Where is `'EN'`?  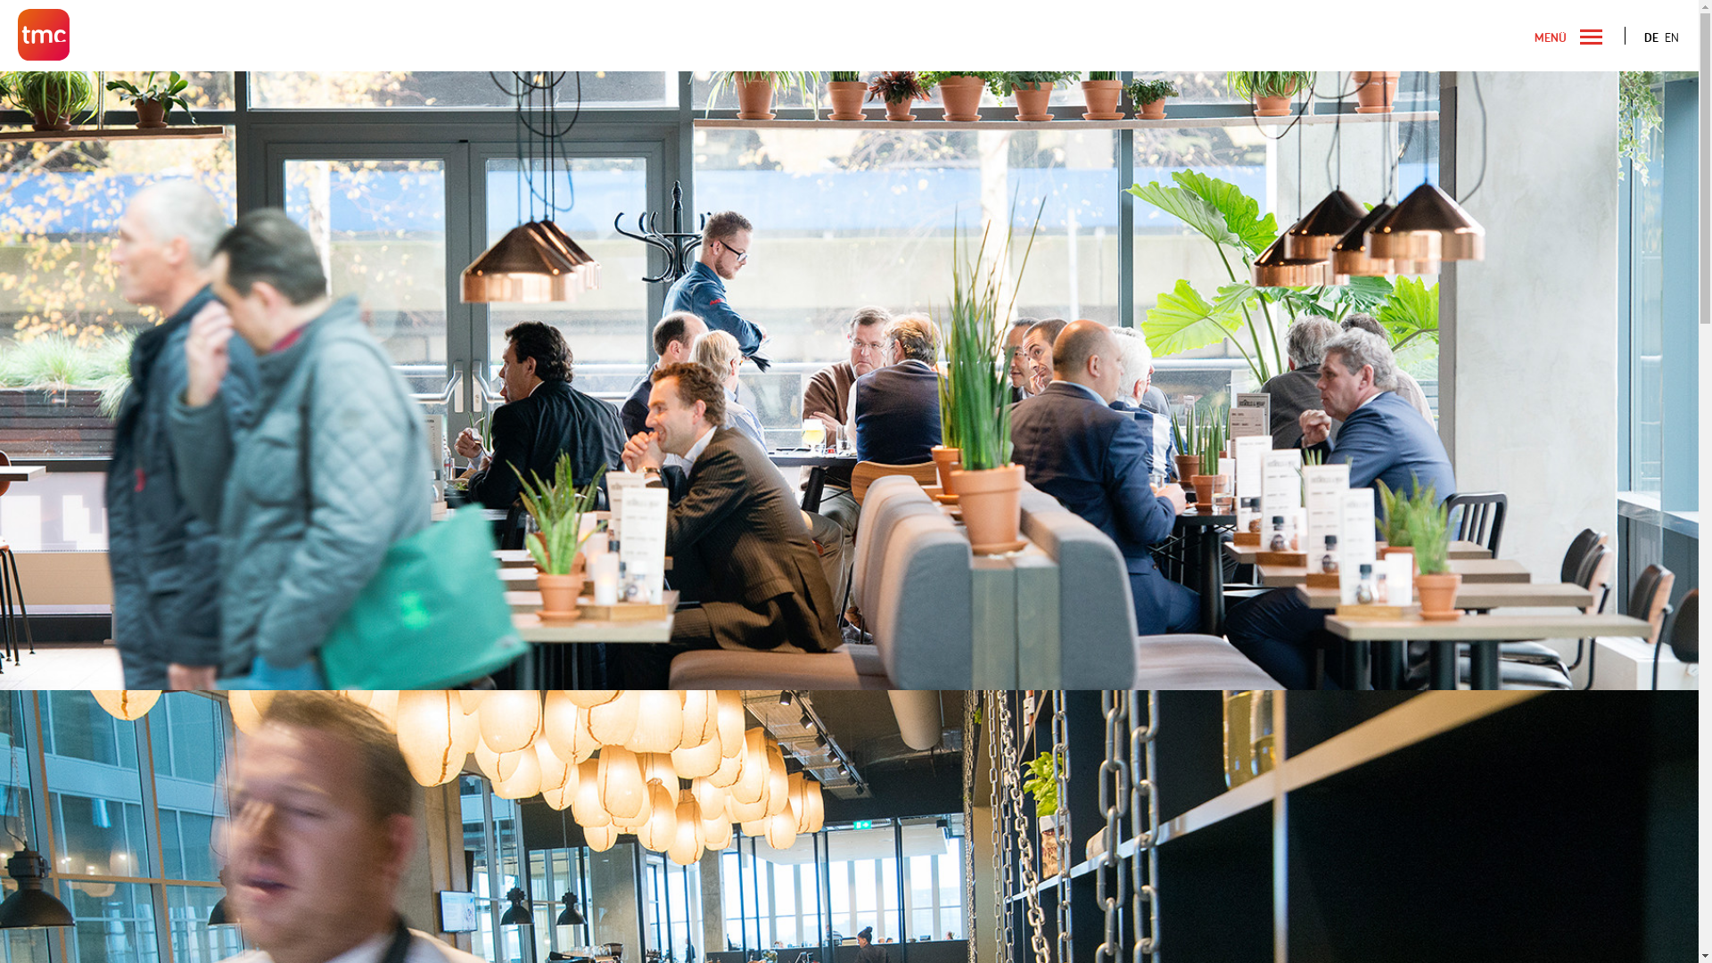 'EN' is located at coordinates (1671, 37).